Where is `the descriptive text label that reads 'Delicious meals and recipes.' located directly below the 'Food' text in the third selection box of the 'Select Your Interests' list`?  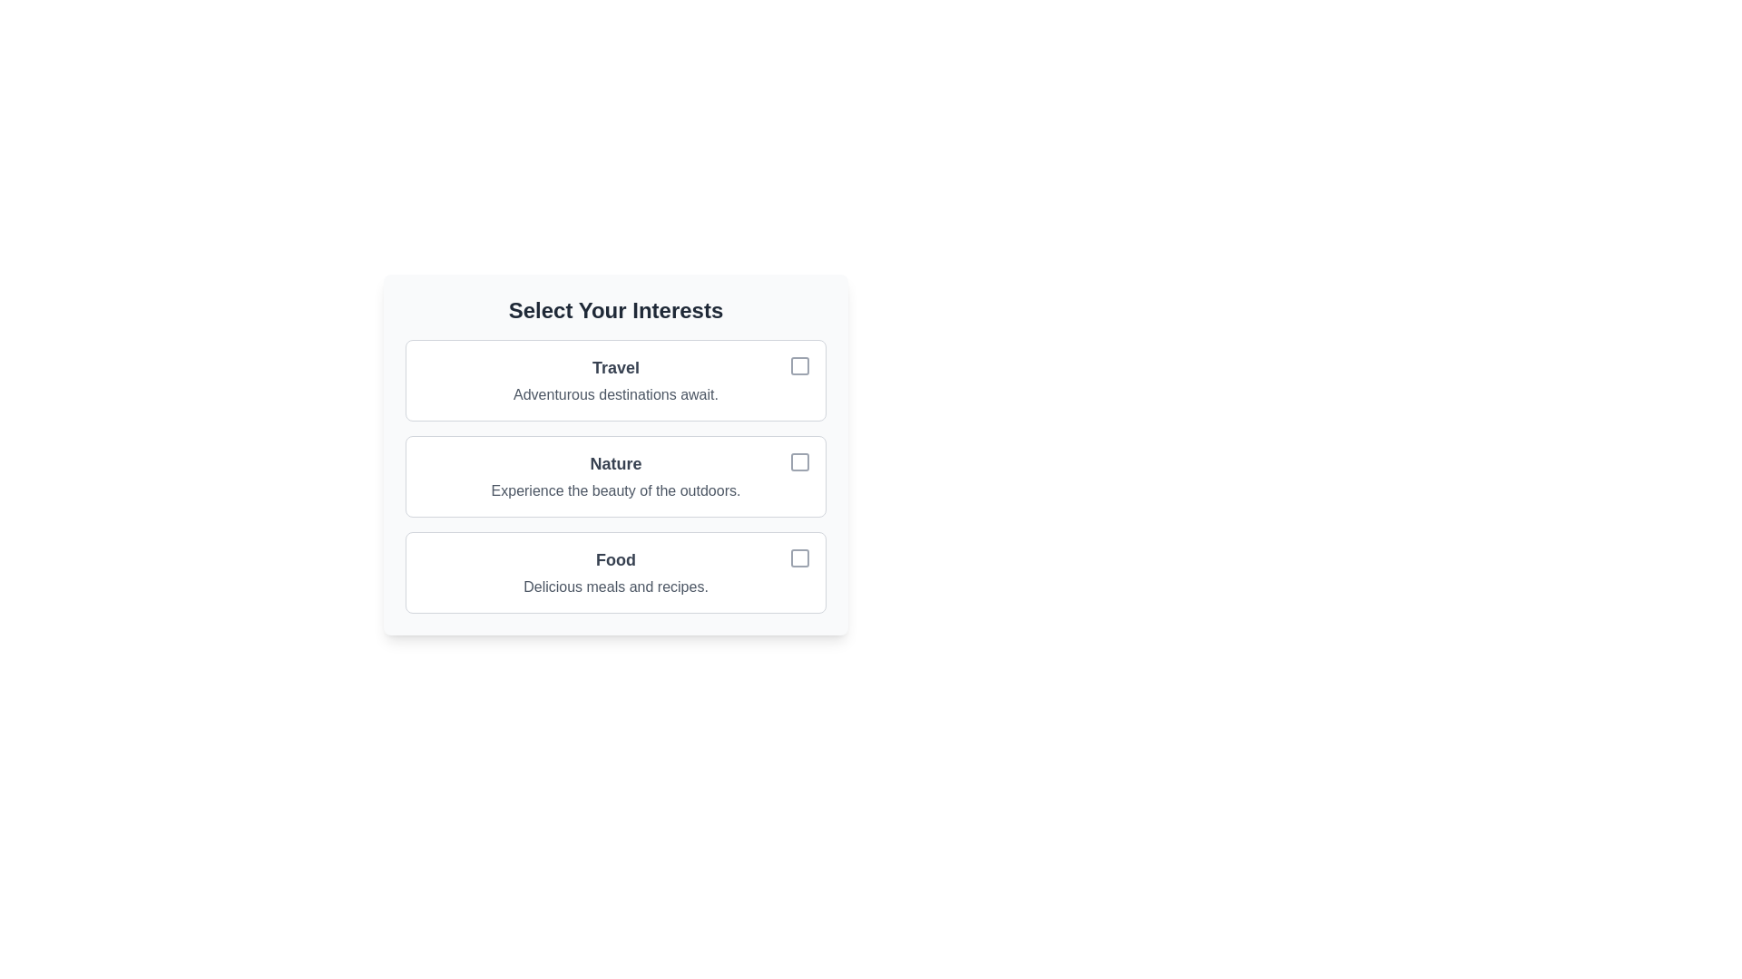 the descriptive text label that reads 'Delicious meals and recipes.' located directly below the 'Food' text in the third selection box of the 'Select Your Interests' list is located at coordinates (615, 587).